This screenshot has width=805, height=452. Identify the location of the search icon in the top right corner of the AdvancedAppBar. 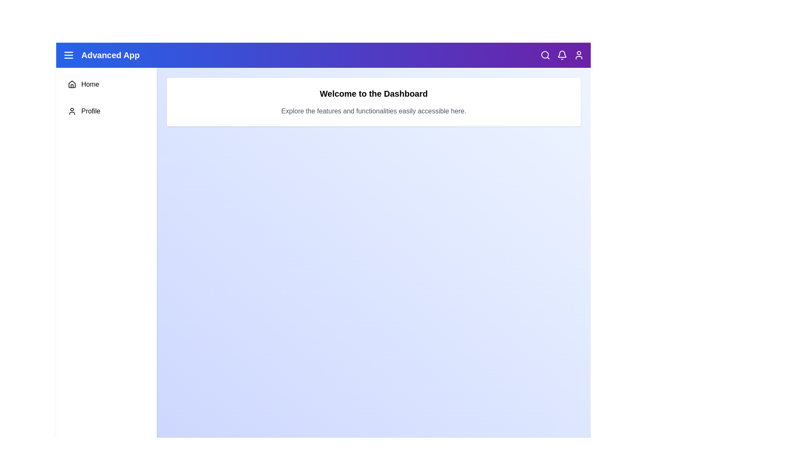
(545, 55).